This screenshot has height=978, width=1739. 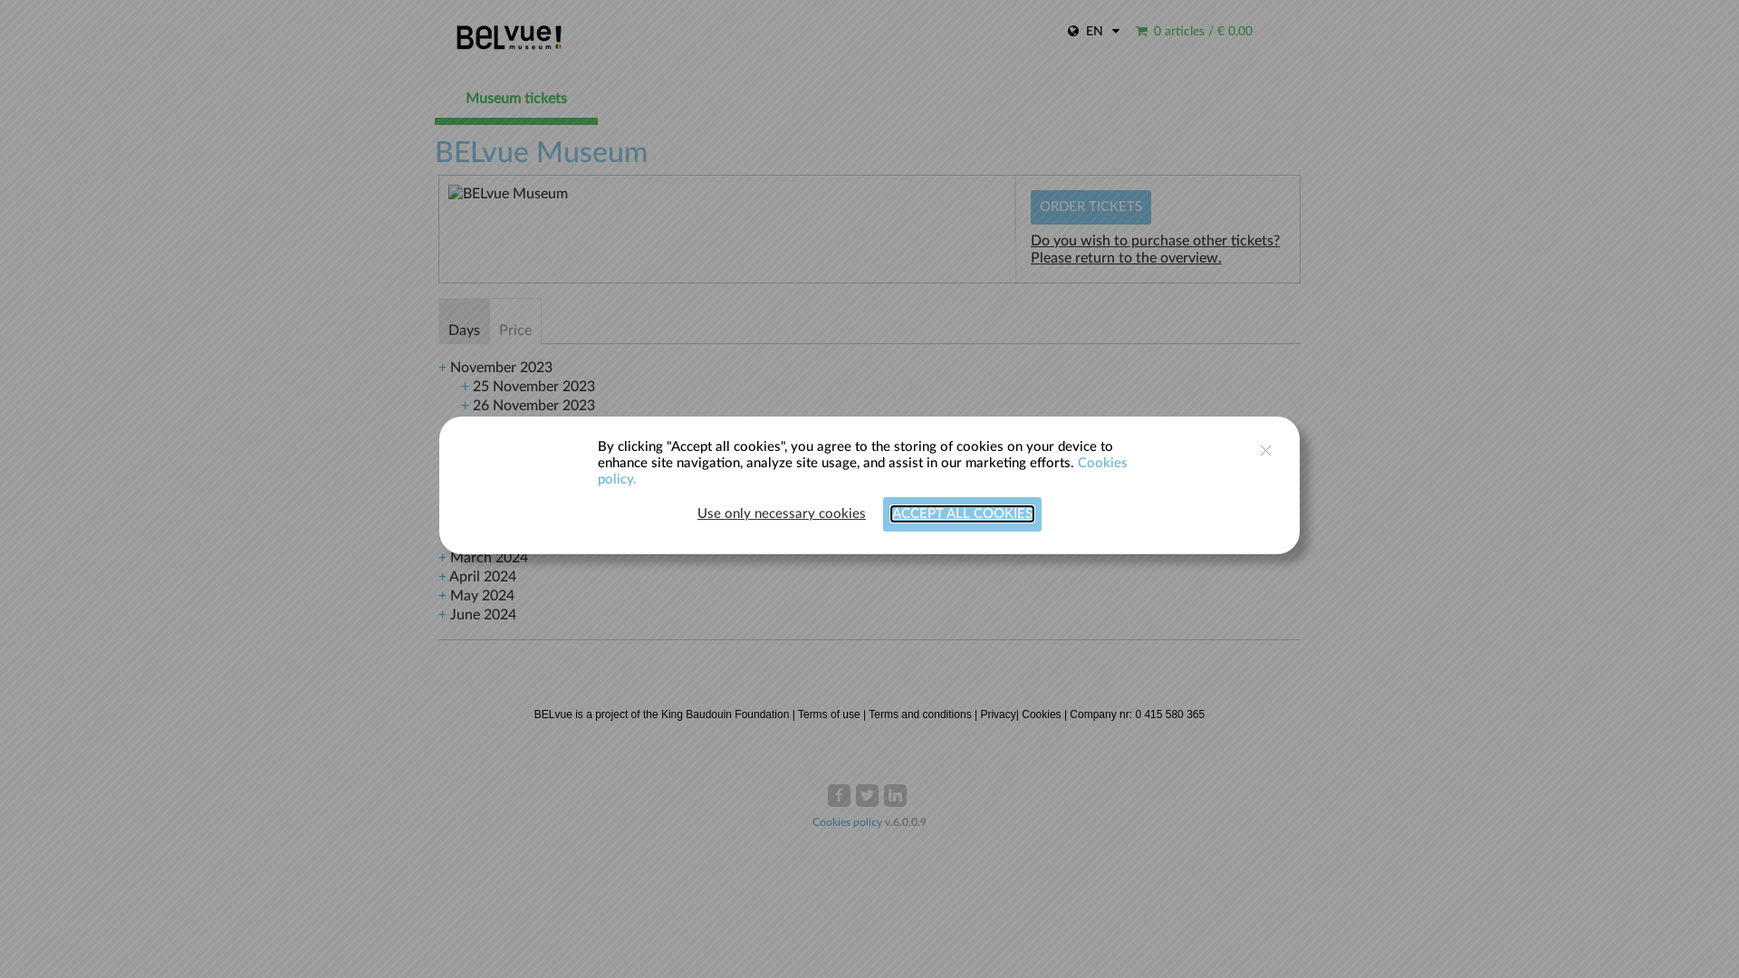 I want to click on 'Follow us on Facebook', so click(x=838, y=794).